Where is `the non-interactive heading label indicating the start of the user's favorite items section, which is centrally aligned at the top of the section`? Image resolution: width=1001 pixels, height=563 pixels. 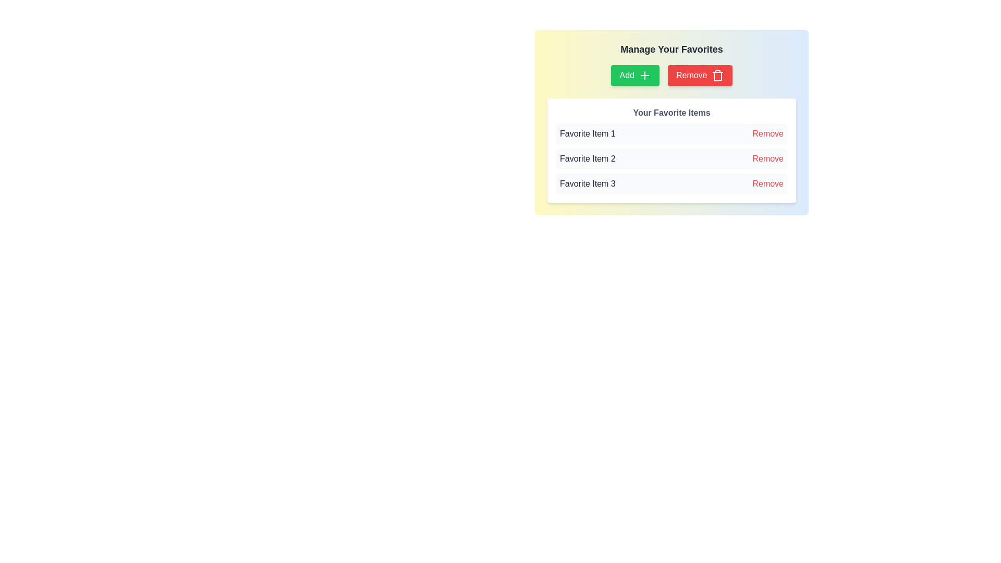
the non-interactive heading label indicating the start of the user's favorite items section, which is centrally aligned at the top of the section is located at coordinates (672, 113).